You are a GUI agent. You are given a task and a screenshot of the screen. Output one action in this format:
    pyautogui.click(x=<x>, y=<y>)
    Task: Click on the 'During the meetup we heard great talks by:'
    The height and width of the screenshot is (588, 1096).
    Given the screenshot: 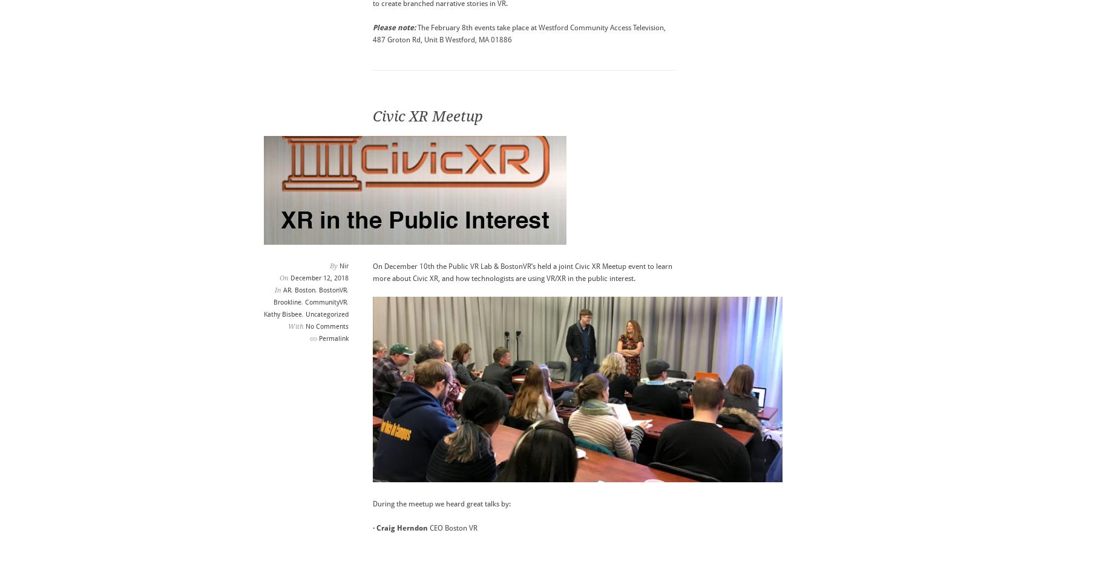 What is the action you would take?
    pyautogui.click(x=440, y=503)
    